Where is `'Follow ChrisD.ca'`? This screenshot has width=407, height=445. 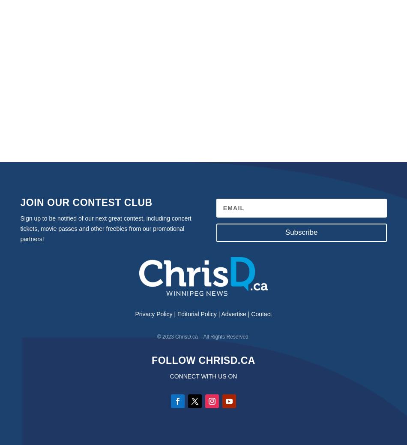 'Follow ChrisD.ca' is located at coordinates (203, 360).